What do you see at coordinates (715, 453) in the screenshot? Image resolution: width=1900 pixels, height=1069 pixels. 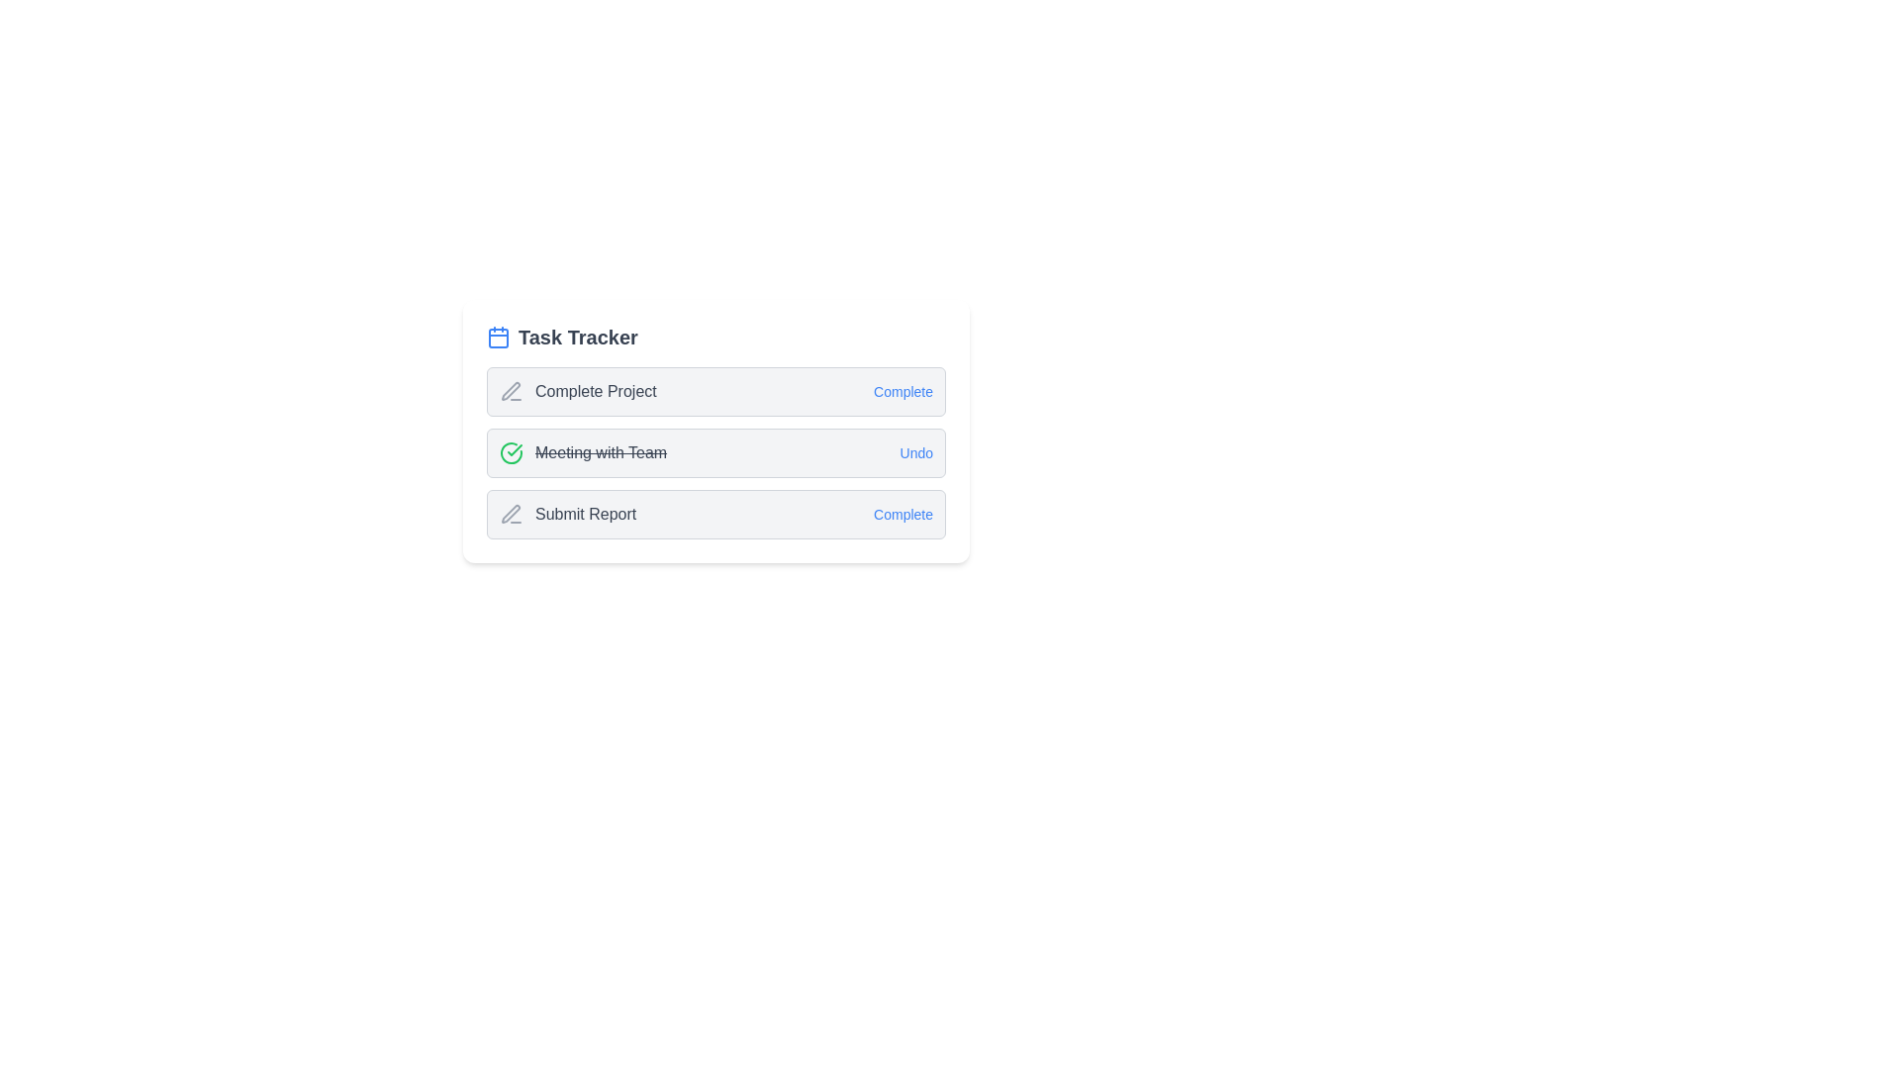 I see `the 'Undo' link in the Task item labeled 'Meeting with Team'` at bounding box center [715, 453].